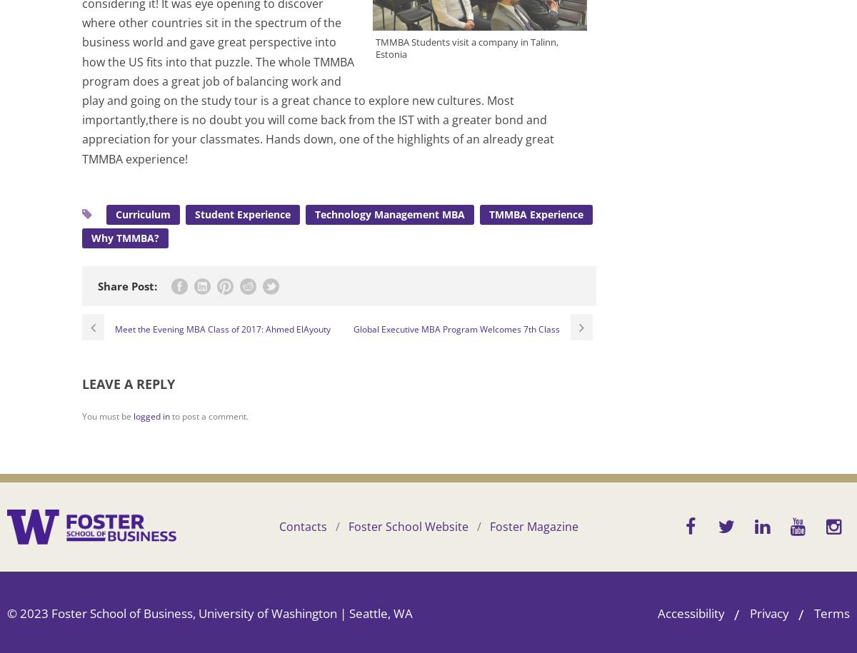 The image size is (857, 653). Describe the element at coordinates (389, 213) in the screenshot. I see `'Technology Management MBA'` at that location.